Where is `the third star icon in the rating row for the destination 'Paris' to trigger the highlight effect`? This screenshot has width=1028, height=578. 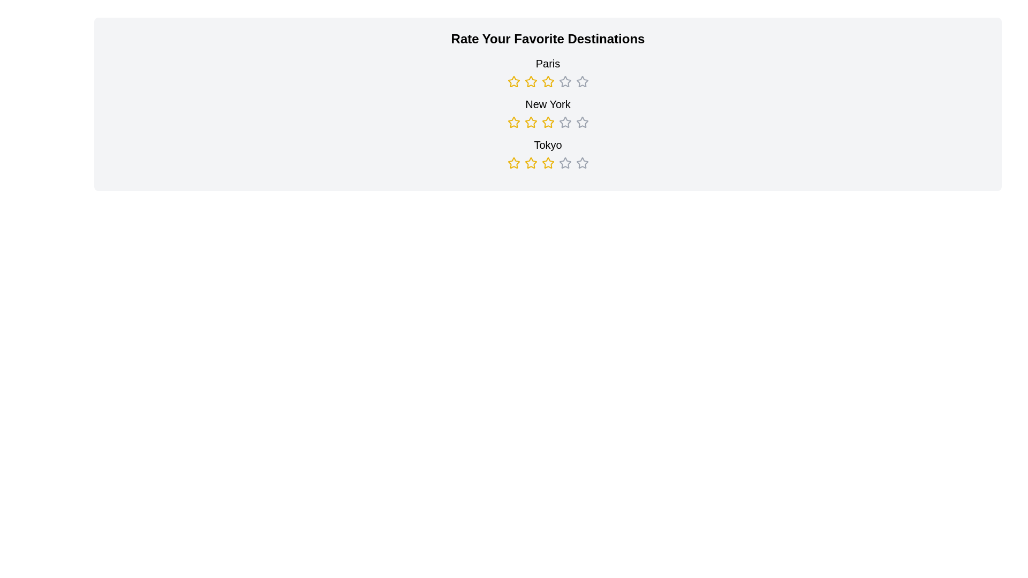 the third star icon in the rating row for the destination 'Paris' to trigger the highlight effect is located at coordinates (548, 81).